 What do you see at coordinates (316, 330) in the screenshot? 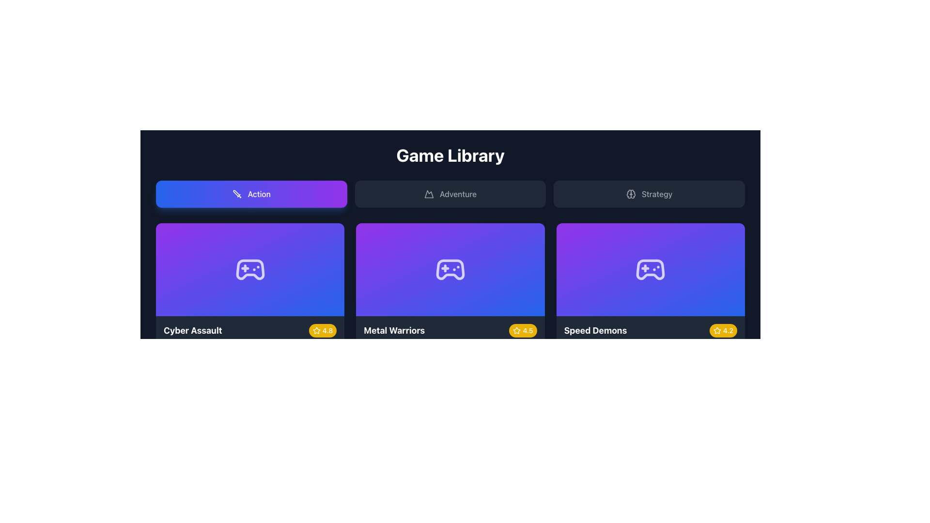
I see `the star-shaped icon filled with white, located within a yellow rounded rectangle next to the rating text '4.8' for the game 'Cyber Assault' at the bottom-right corner of its card` at bounding box center [316, 330].